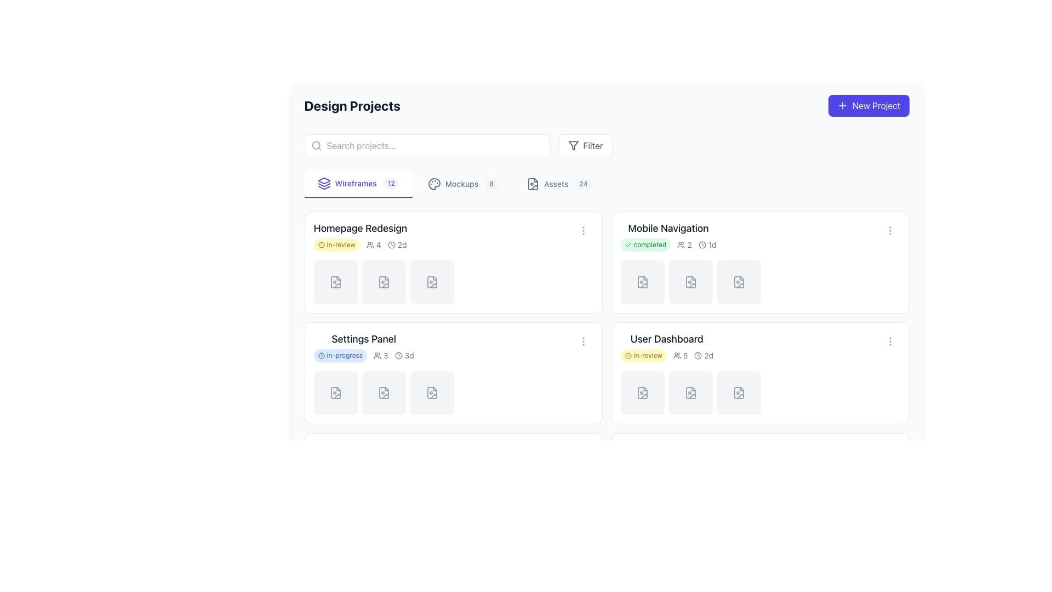 The width and height of the screenshot is (1052, 592). I want to click on the vertical ellipsis button located in the top-right corner of the 'Settings Panel', so click(582, 341).